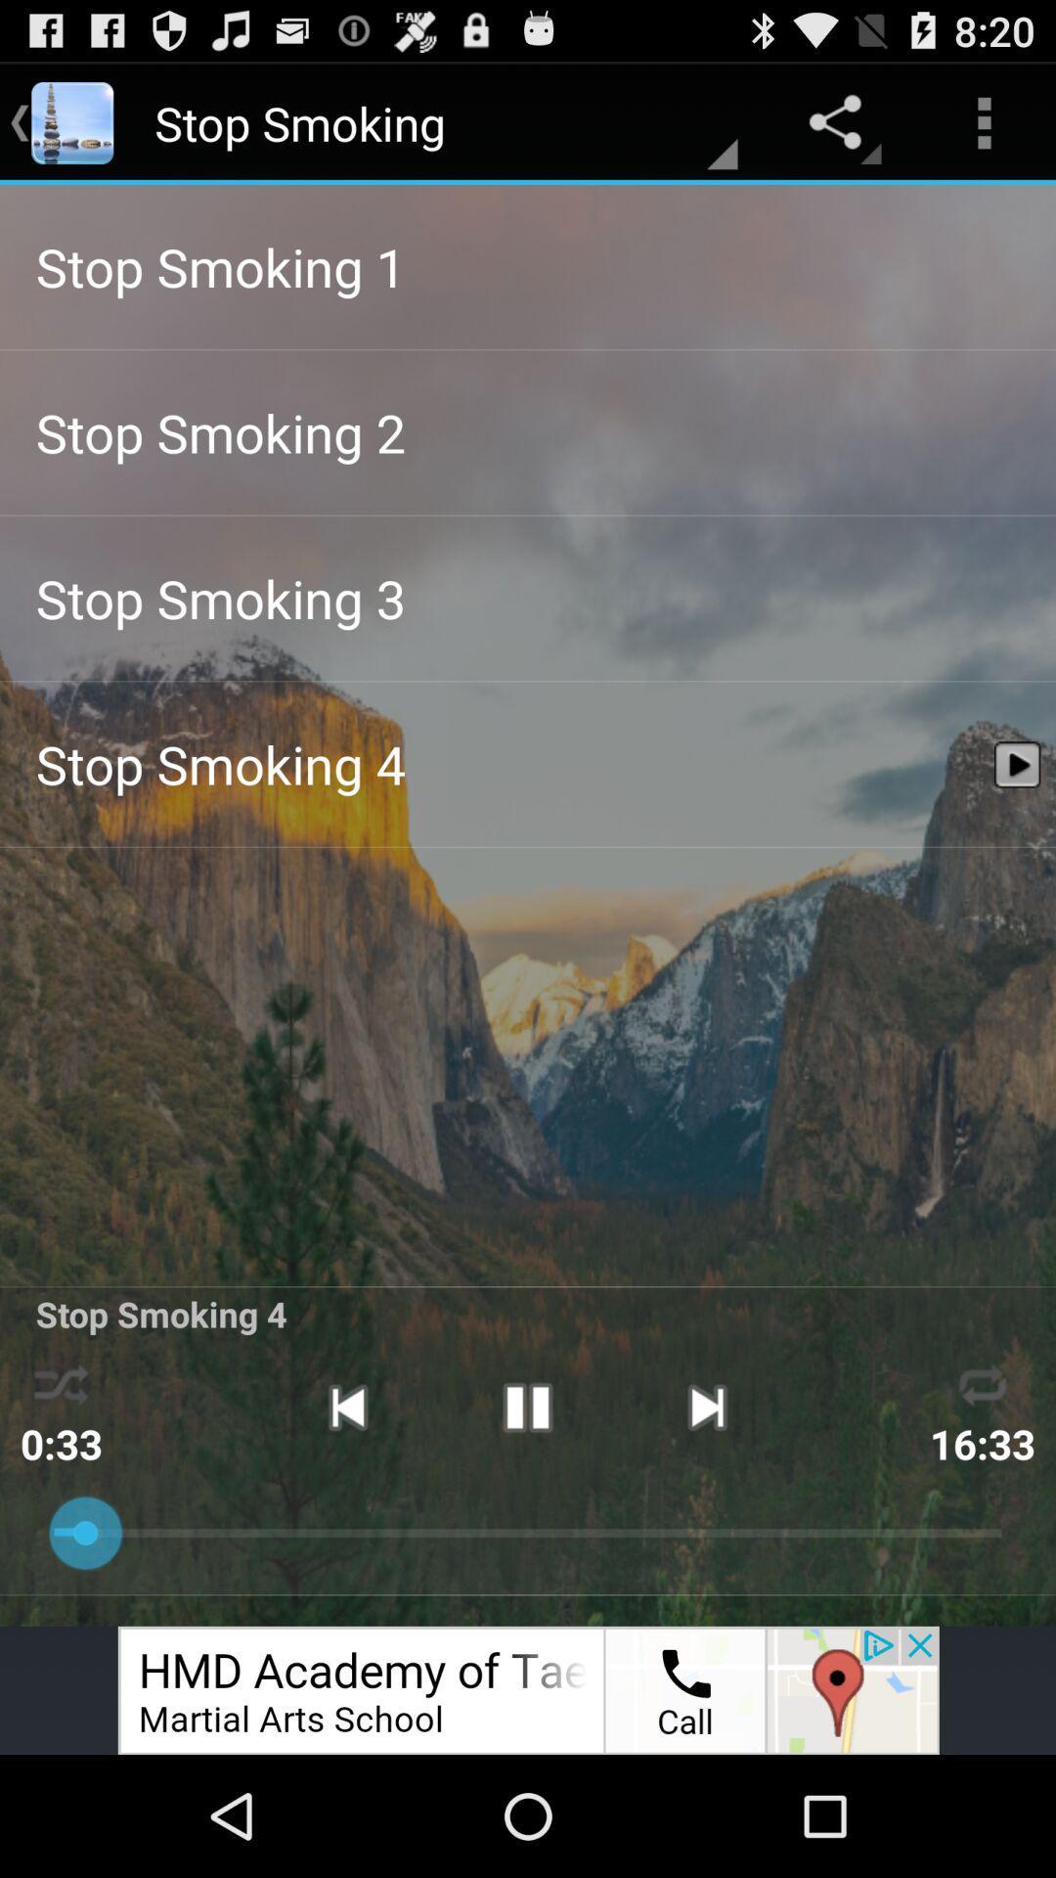 The image size is (1056, 1878). I want to click on advertisement, so click(528, 1689).